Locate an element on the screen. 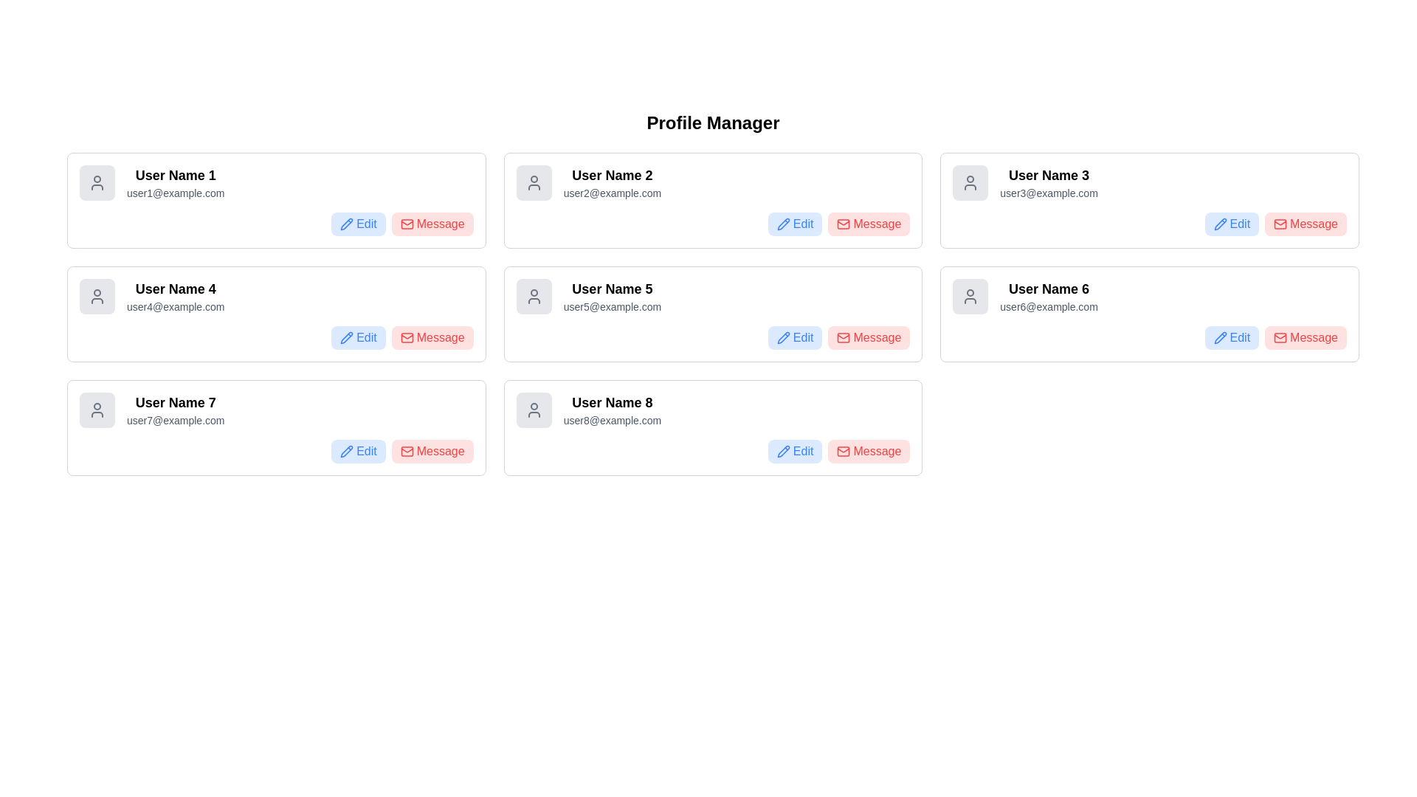 This screenshot has height=797, width=1417. the 'Edit' button in the second user profile box, which is styled with a bold blue font and light blue background is located at coordinates (802, 224).